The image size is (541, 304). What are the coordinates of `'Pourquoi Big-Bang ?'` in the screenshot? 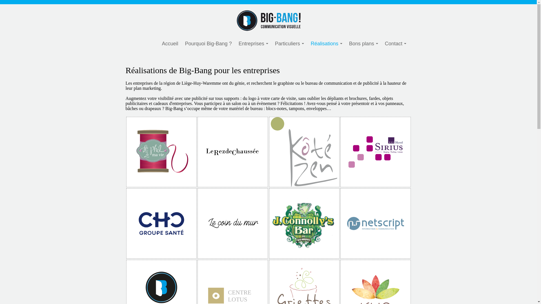 It's located at (208, 43).